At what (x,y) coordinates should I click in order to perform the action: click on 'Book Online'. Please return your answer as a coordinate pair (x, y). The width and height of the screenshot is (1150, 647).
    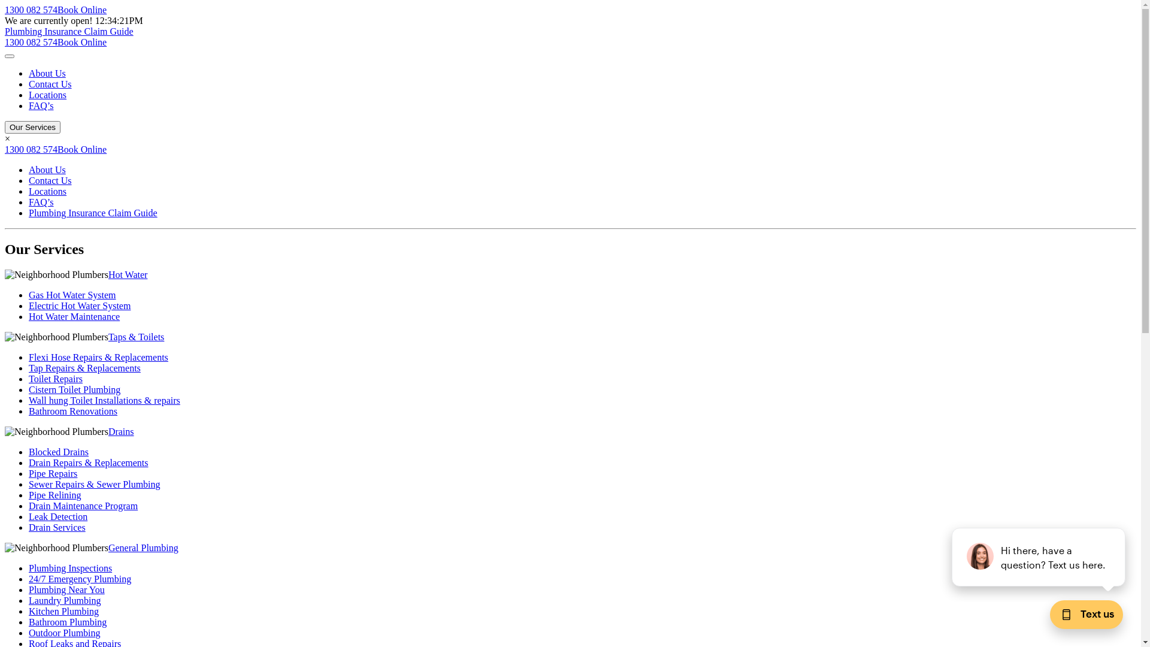
    Looking at the image, I should click on (81, 149).